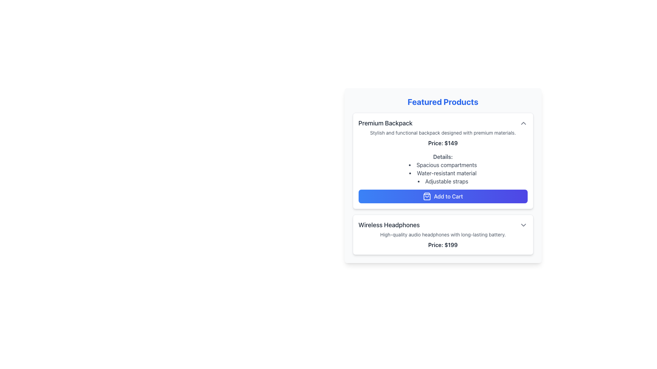  Describe the element at coordinates (385, 123) in the screenshot. I see `text from the product title label located at the top-left corner of the product details card` at that location.